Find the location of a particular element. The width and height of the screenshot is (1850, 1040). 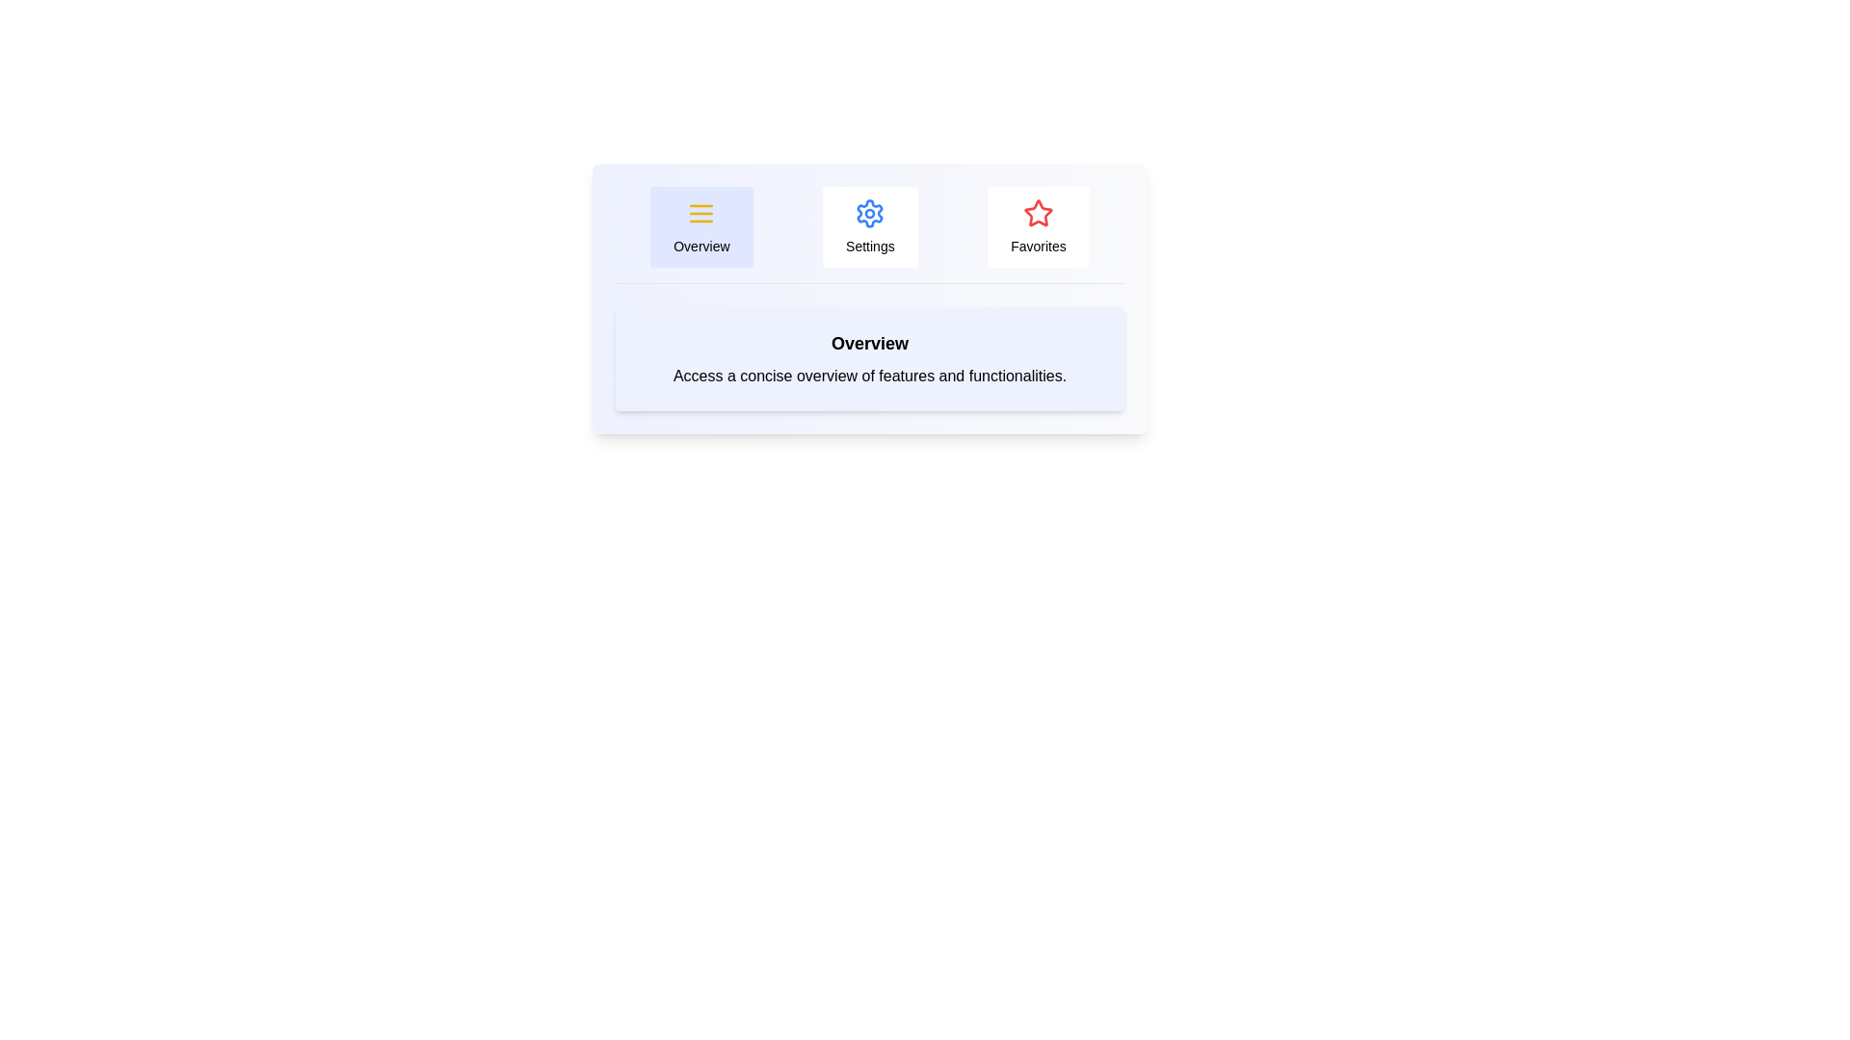

the tab labeled Settings is located at coordinates (868, 225).